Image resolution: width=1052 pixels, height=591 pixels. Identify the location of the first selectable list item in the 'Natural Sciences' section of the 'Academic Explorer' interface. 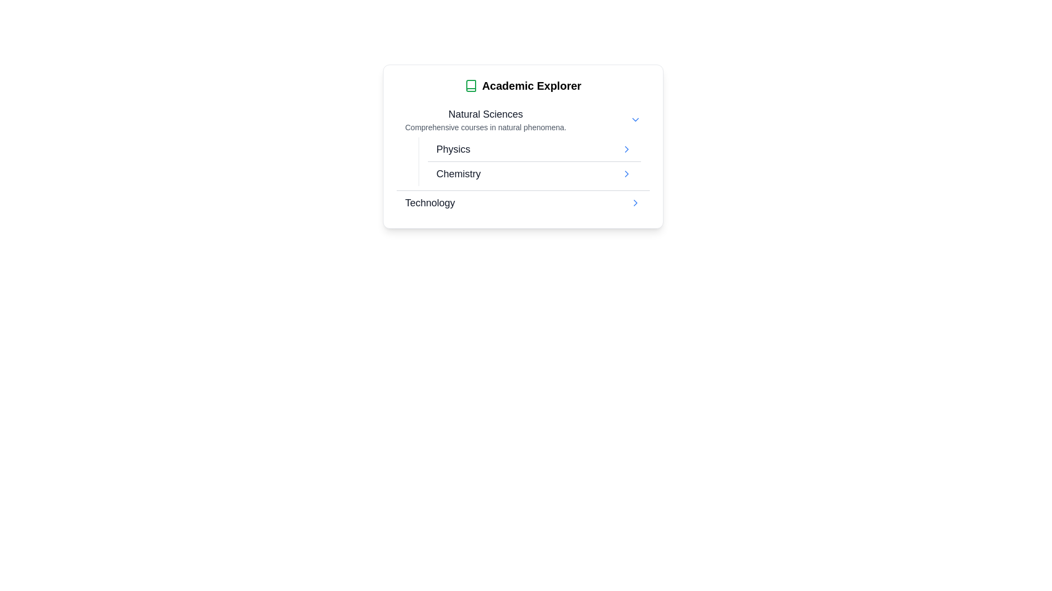
(534, 149).